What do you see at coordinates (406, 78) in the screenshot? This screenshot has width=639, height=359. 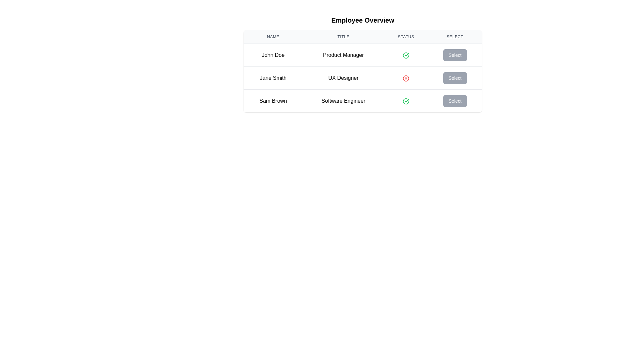 I see `the error status icon located in the 'STATUS' column of the table row for 'Jane Smith', which is the second row` at bounding box center [406, 78].